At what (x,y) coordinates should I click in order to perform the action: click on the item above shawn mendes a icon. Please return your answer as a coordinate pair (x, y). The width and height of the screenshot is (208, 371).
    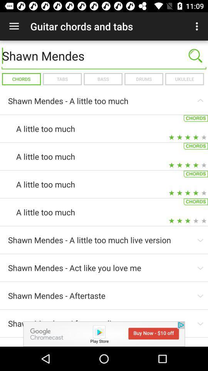
    Looking at the image, I should click on (103, 79).